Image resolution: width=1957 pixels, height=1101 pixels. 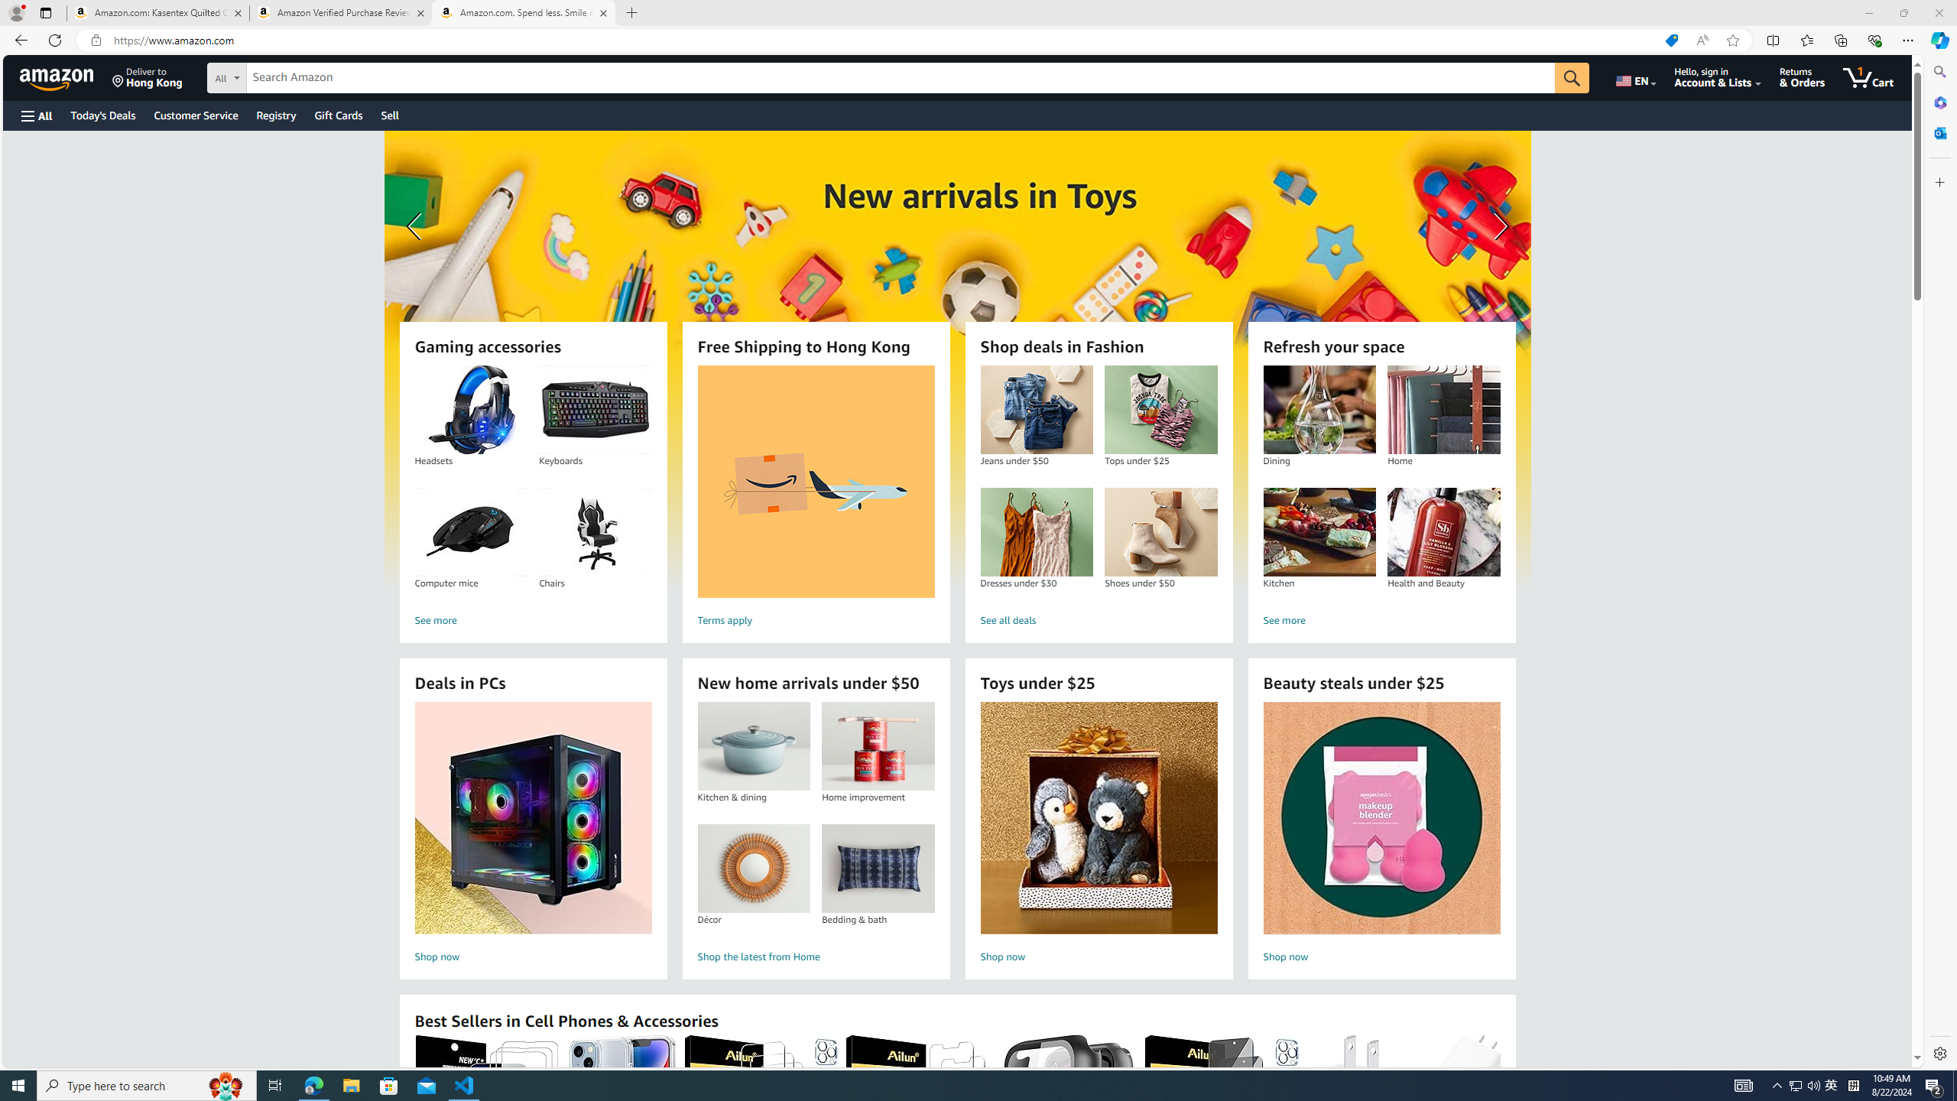 What do you see at coordinates (470, 532) in the screenshot?
I see `'Computer mice'` at bounding box center [470, 532].